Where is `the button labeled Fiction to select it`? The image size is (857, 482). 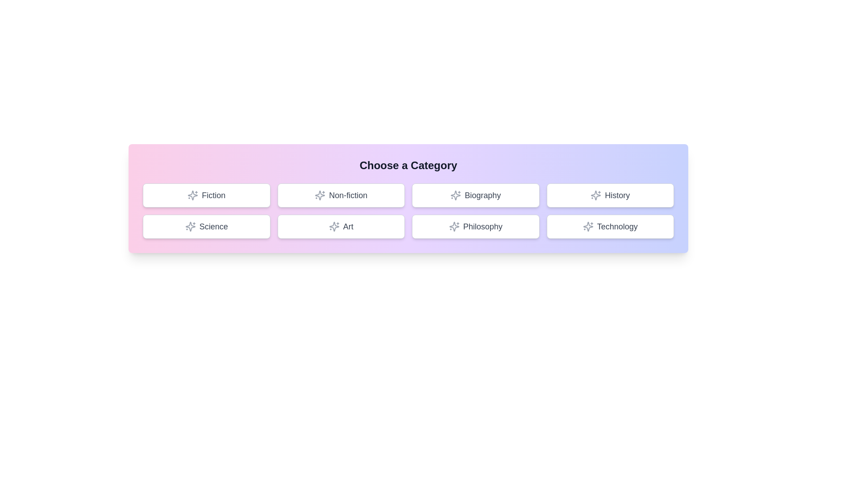 the button labeled Fiction to select it is located at coordinates (206, 195).